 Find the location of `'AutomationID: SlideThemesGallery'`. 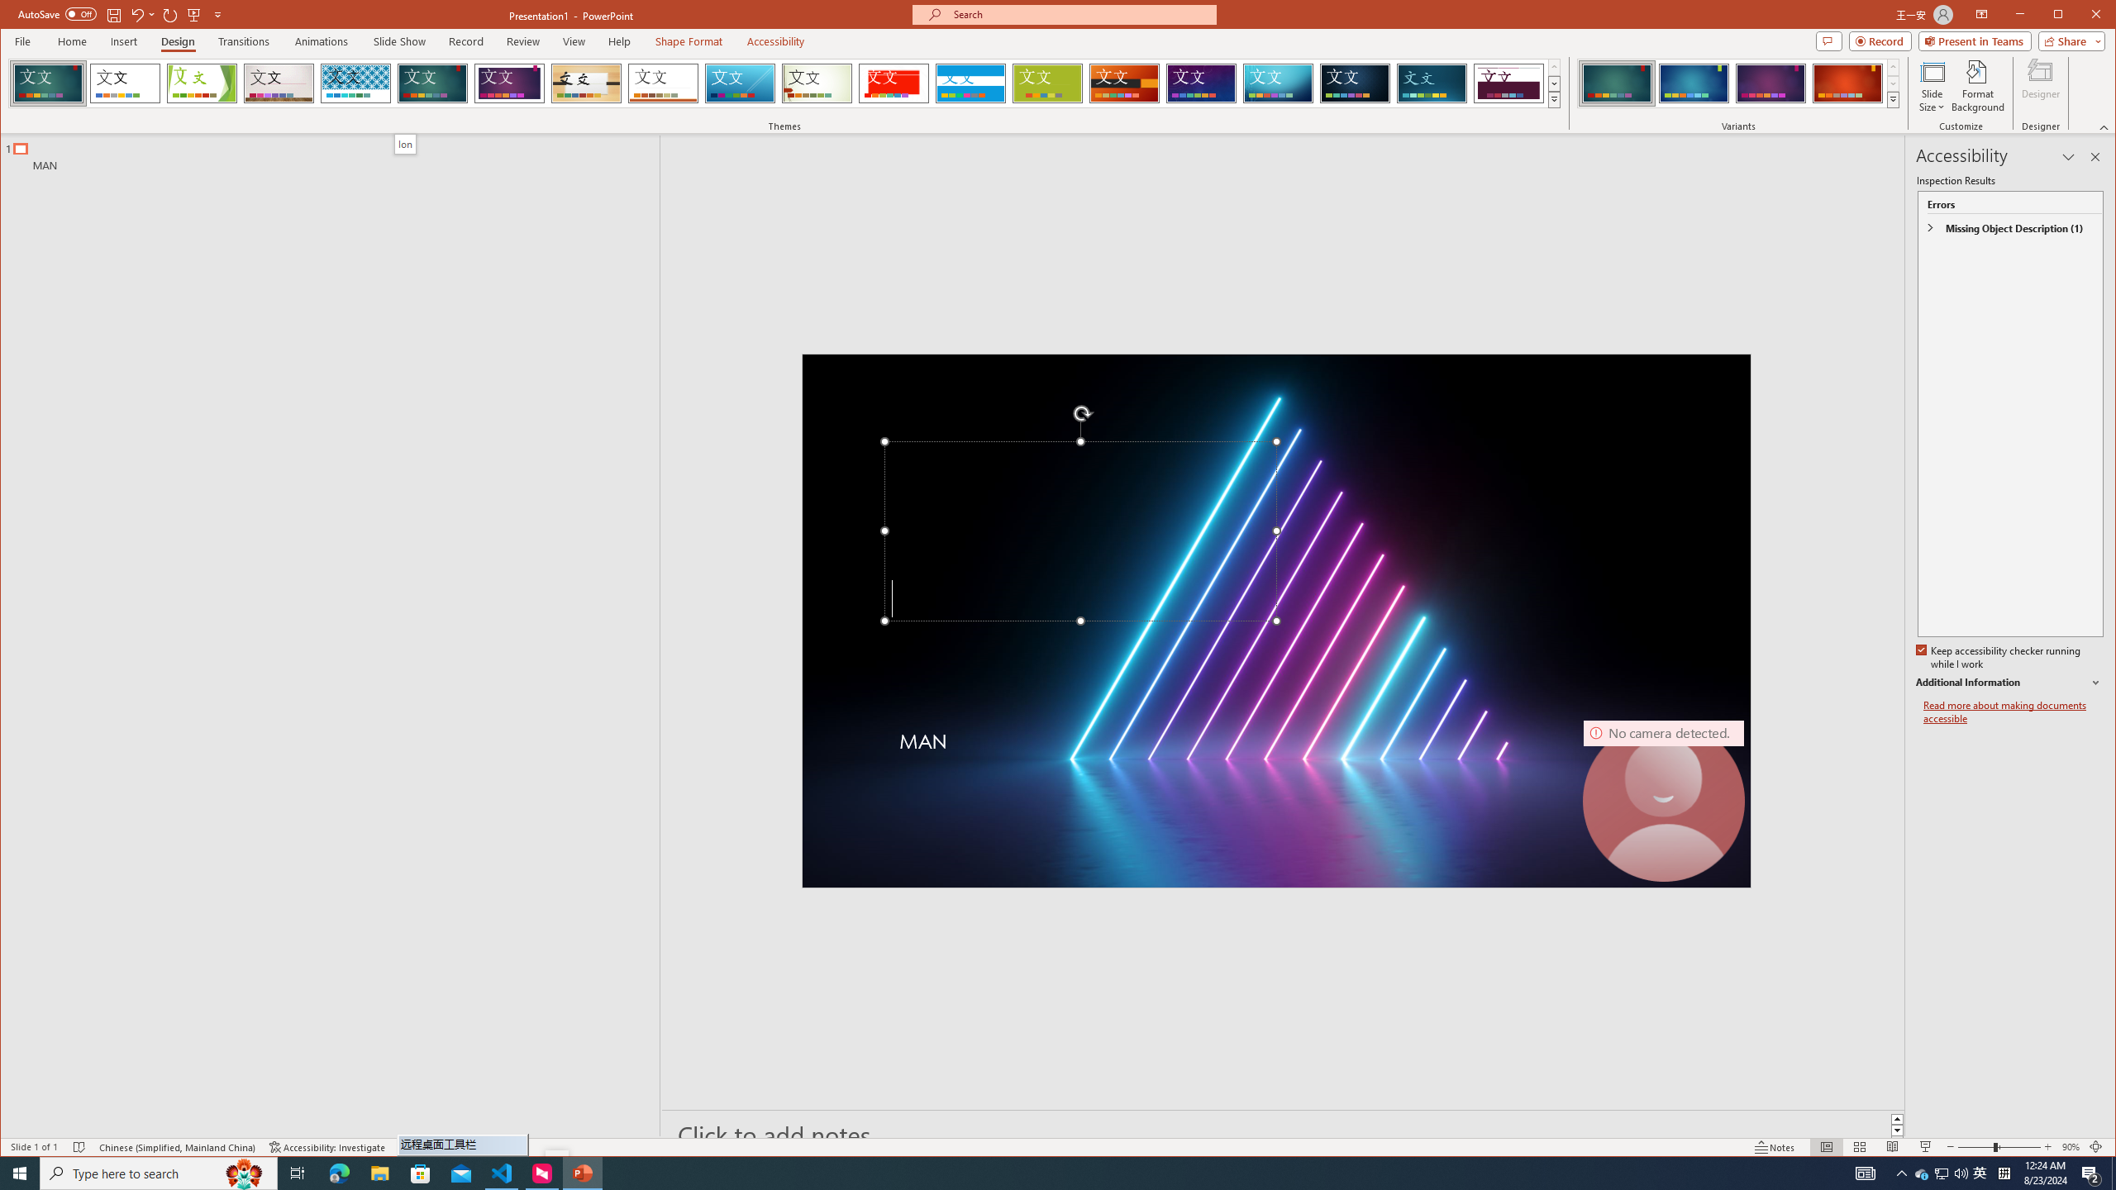

'AutomationID: SlideThemesGallery' is located at coordinates (785, 82).